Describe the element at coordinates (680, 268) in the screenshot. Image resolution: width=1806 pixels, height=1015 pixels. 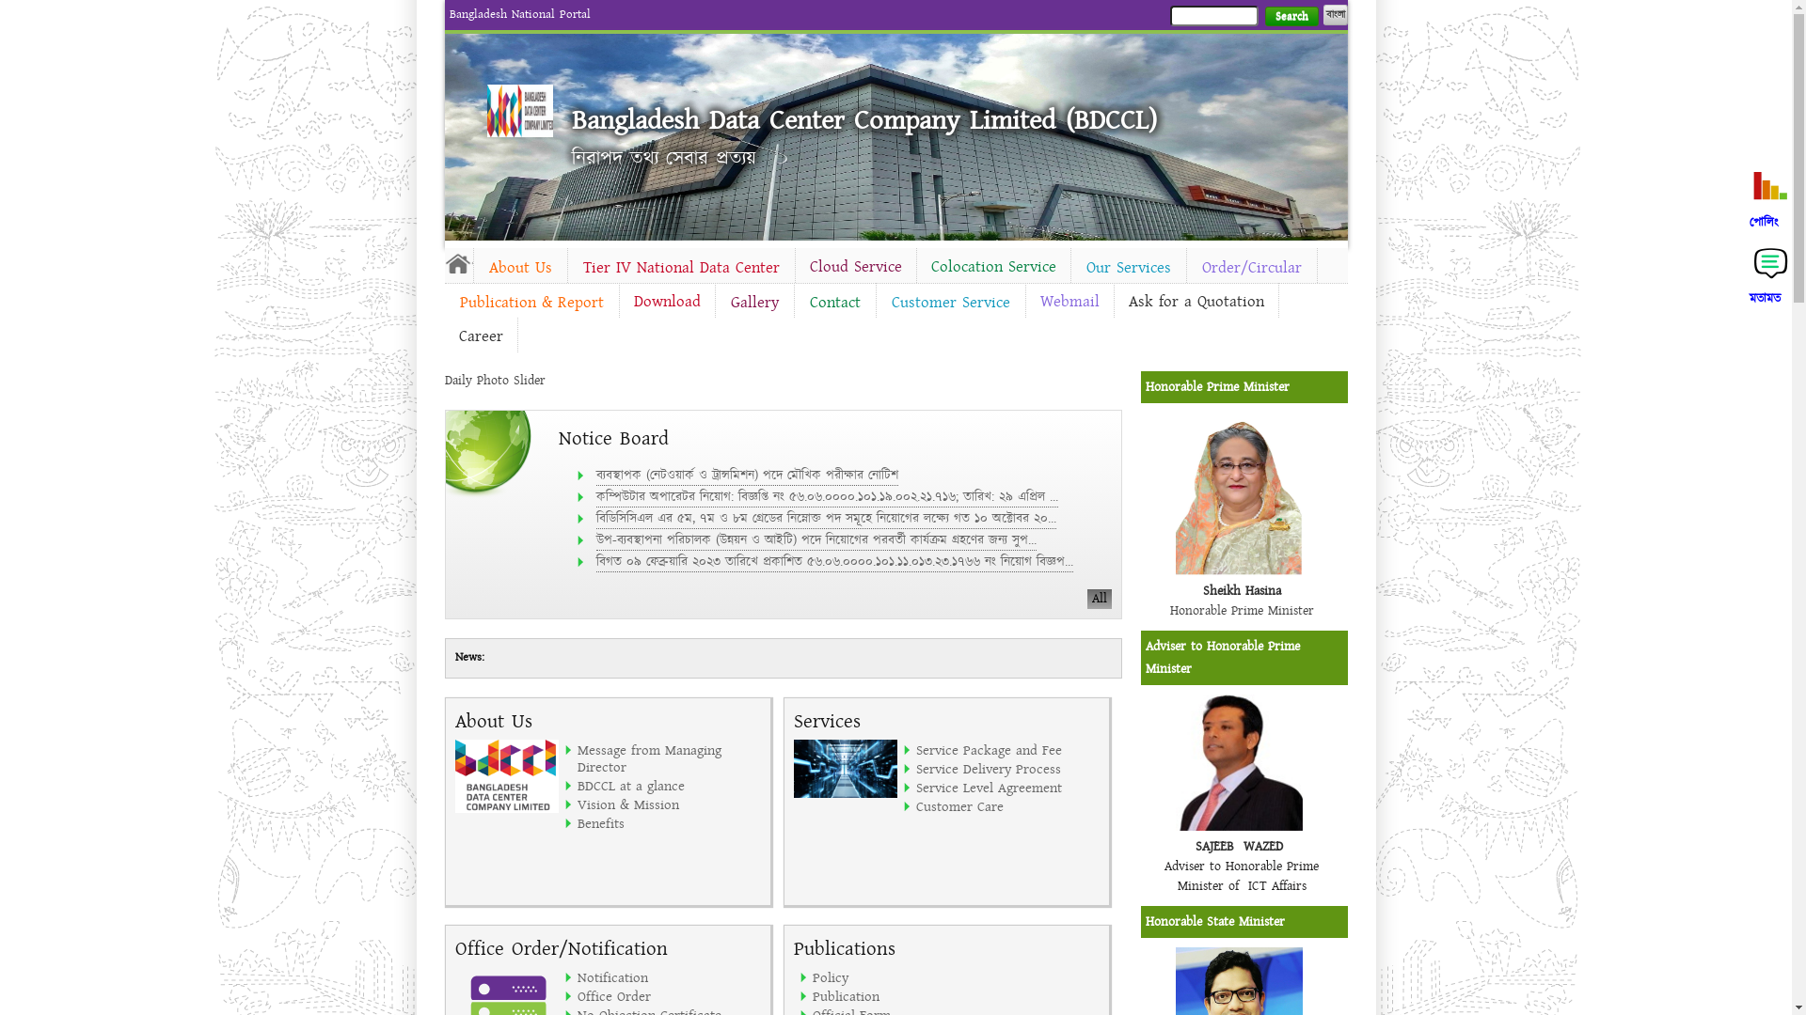
I see `'Tier IV National Data Center'` at that location.